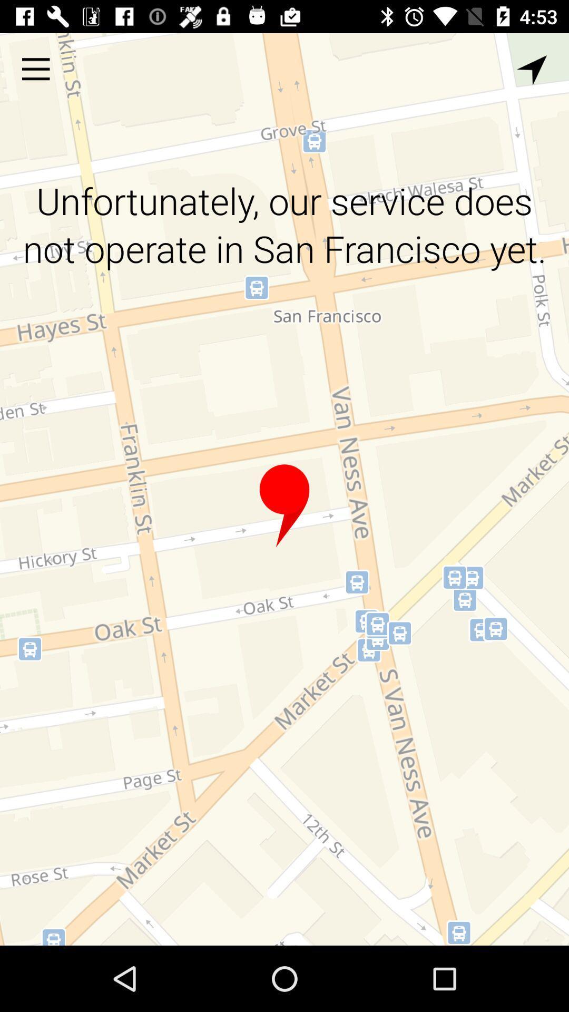 This screenshot has width=569, height=1012. What do you see at coordinates (532, 70) in the screenshot?
I see `the icon at the top right corner` at bounding box center [532, 70].